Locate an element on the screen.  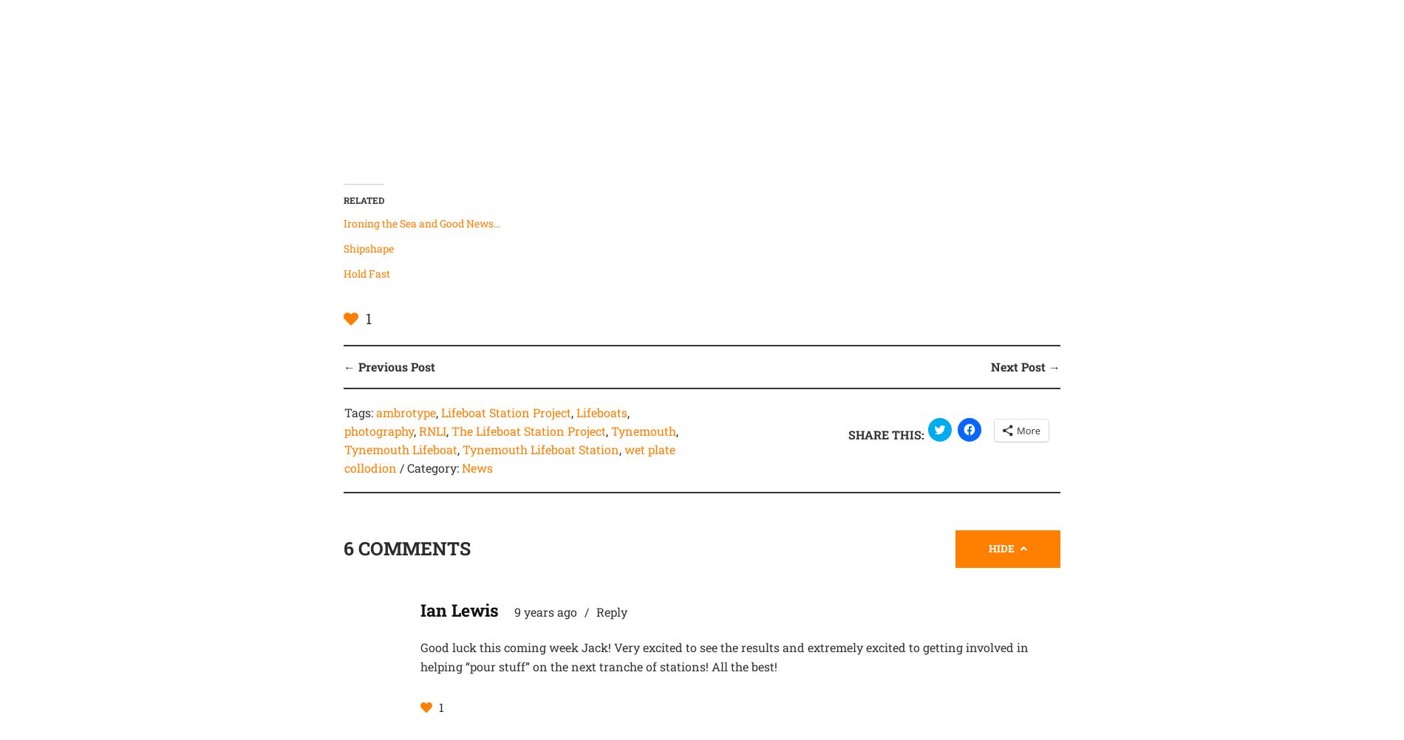
'More' is located at coordinates (1027, 429).